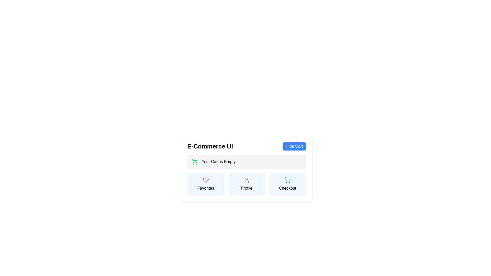 The width and height of the screenshot is (491, 276). Describe the element at coordinates (210, 146) in the screenshot. I see `the Text Label that represents the title or branding of the e-commerce platform` at that location.